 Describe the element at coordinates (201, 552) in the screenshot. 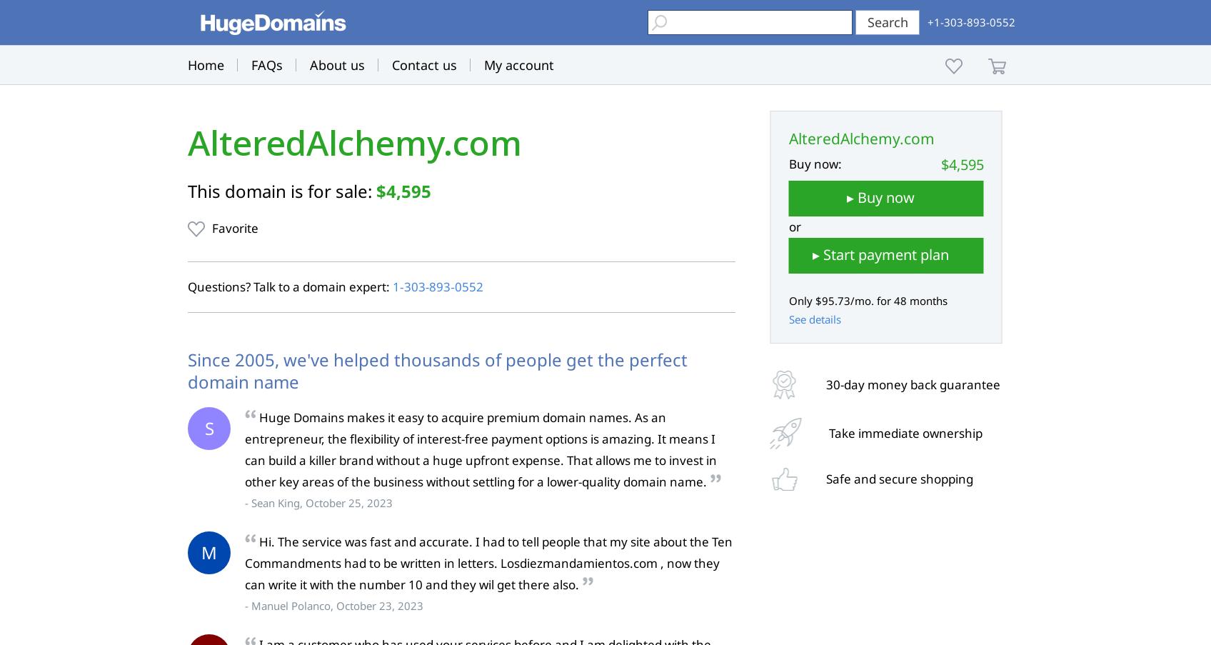

I see `'M'` at that location.